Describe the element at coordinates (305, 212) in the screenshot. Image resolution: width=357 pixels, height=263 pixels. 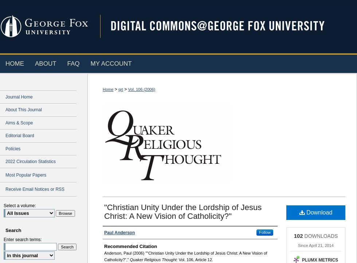
I see `'Download'` at that location.